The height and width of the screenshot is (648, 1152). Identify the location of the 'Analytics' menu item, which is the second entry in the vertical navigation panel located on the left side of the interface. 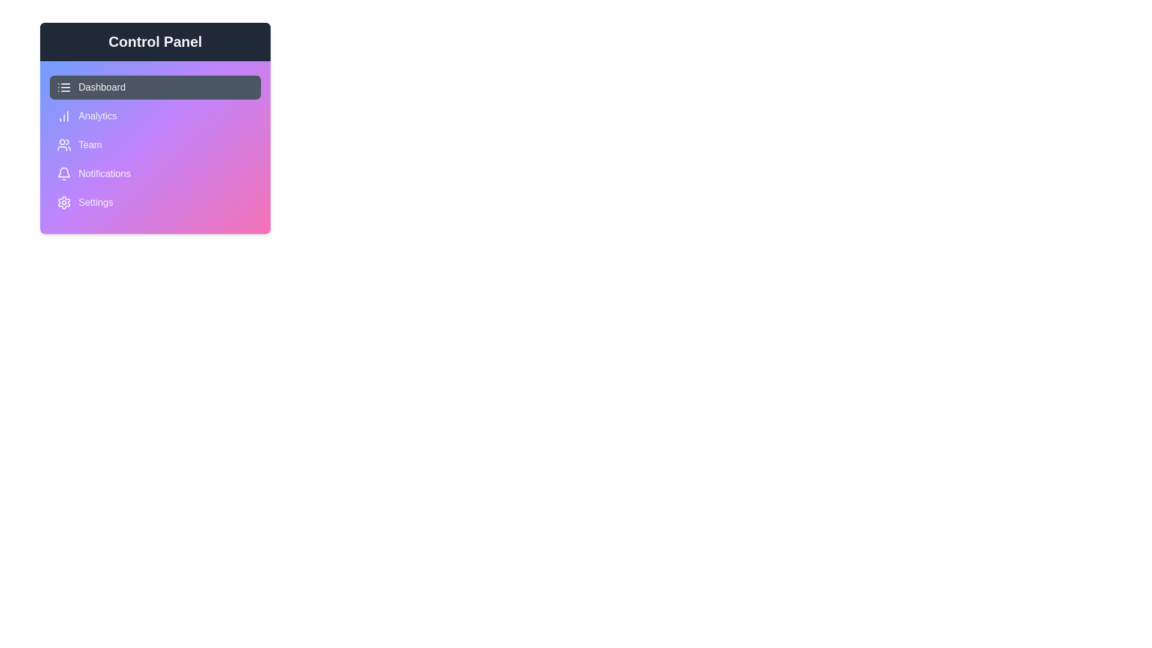
(155, 116).